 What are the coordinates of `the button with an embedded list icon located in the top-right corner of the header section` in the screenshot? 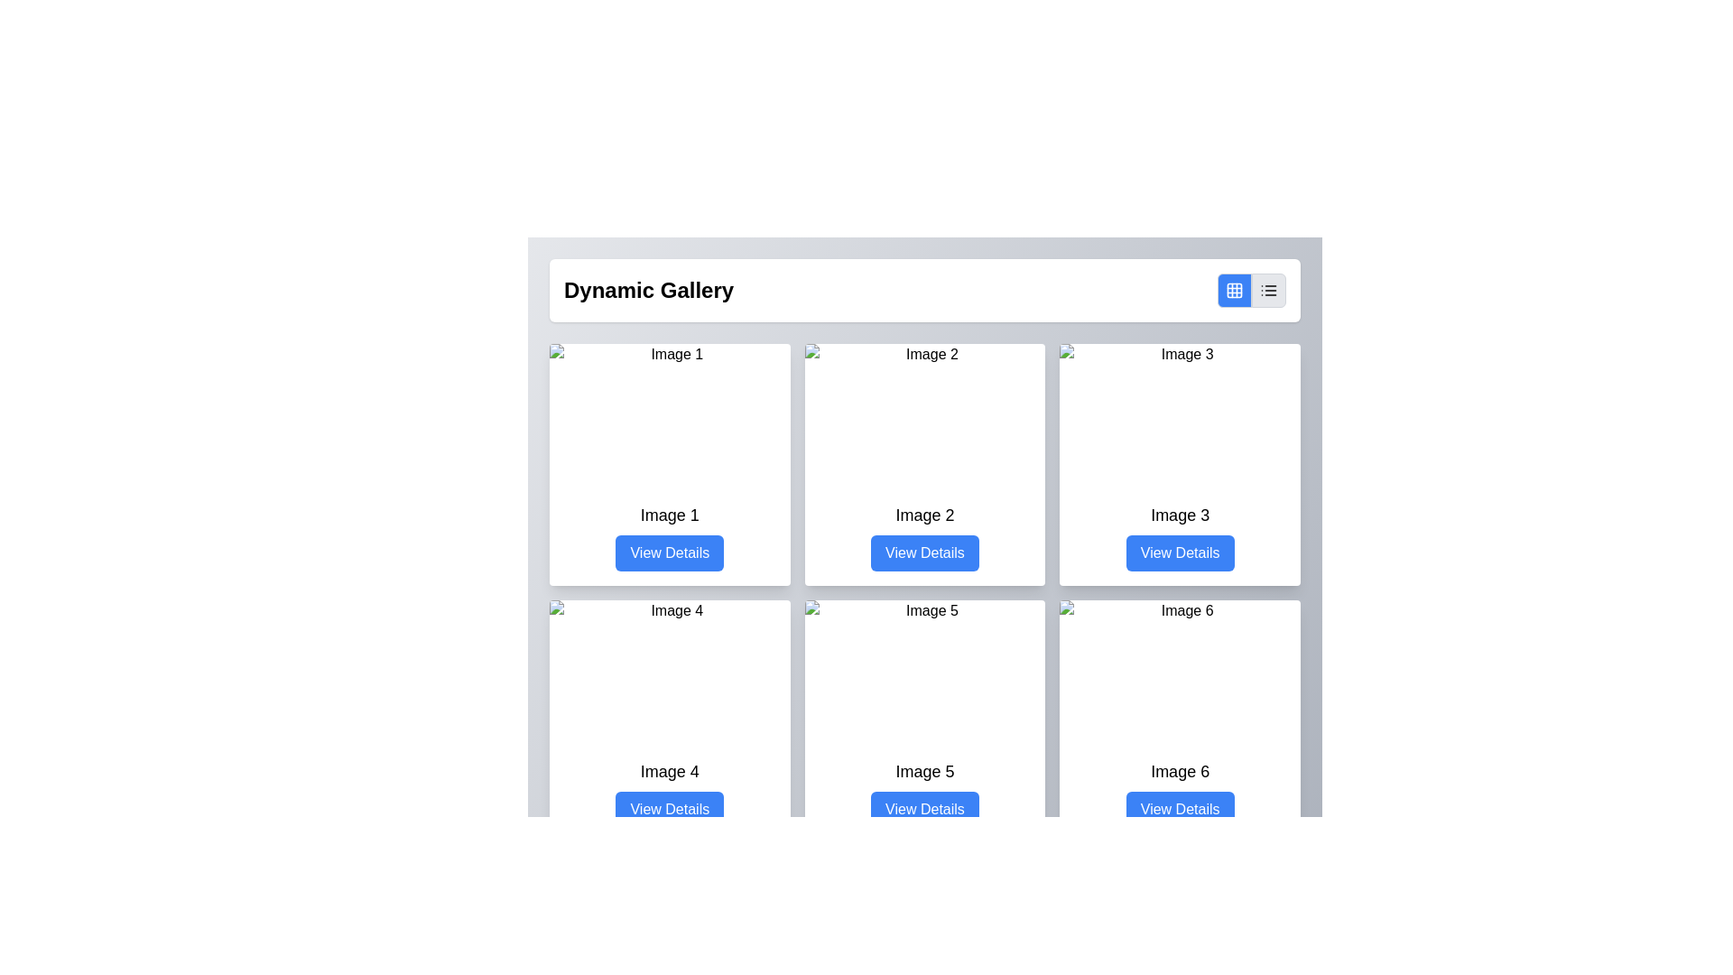 It's located at (1268, 289).